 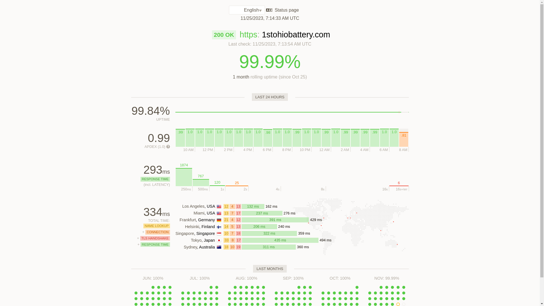 I want to click on '<small>Jul 08:</small> No downtime', so click(x=211, y=293).